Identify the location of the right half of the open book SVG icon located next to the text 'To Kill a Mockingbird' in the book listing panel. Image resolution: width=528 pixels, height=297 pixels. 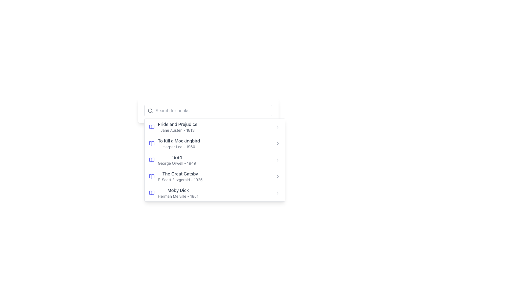
(152, 143).